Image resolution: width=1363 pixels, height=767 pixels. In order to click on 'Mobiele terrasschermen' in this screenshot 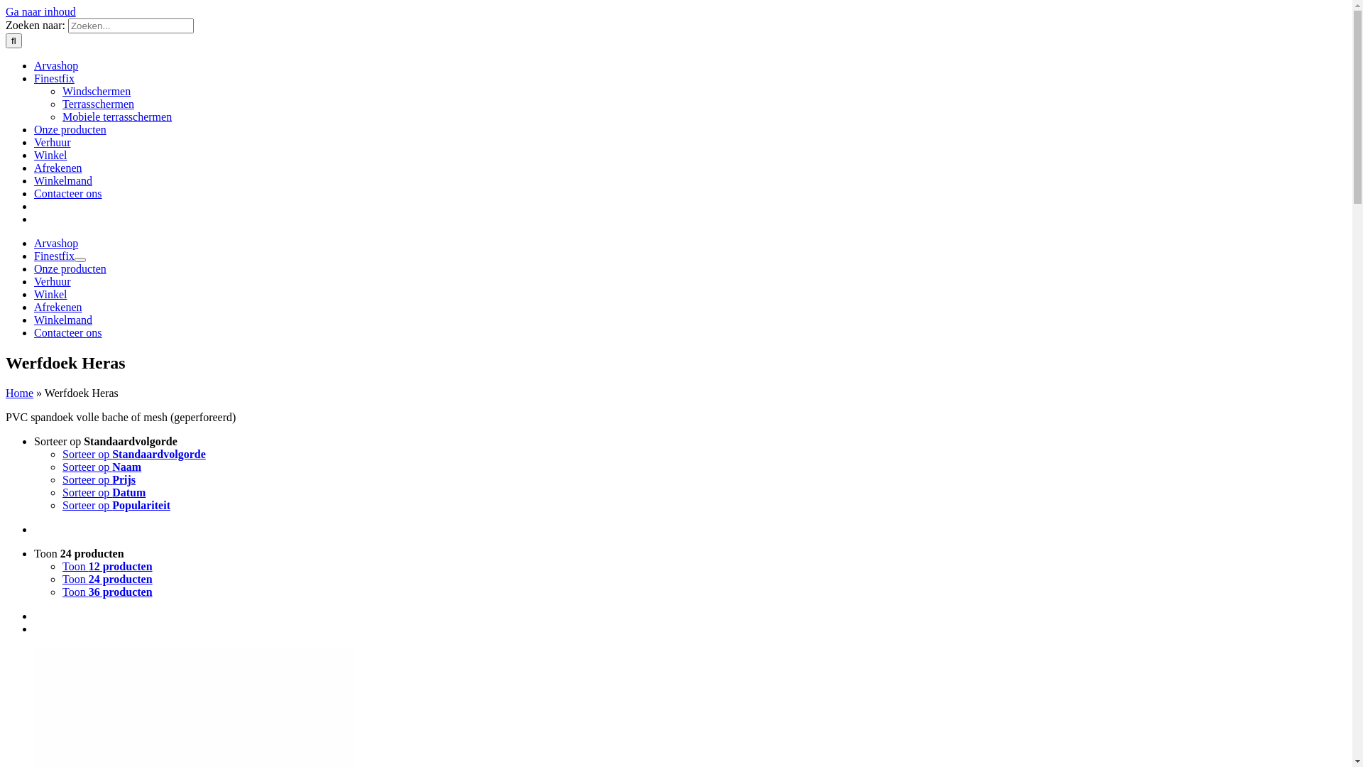, I will do `click(116, 116)`.